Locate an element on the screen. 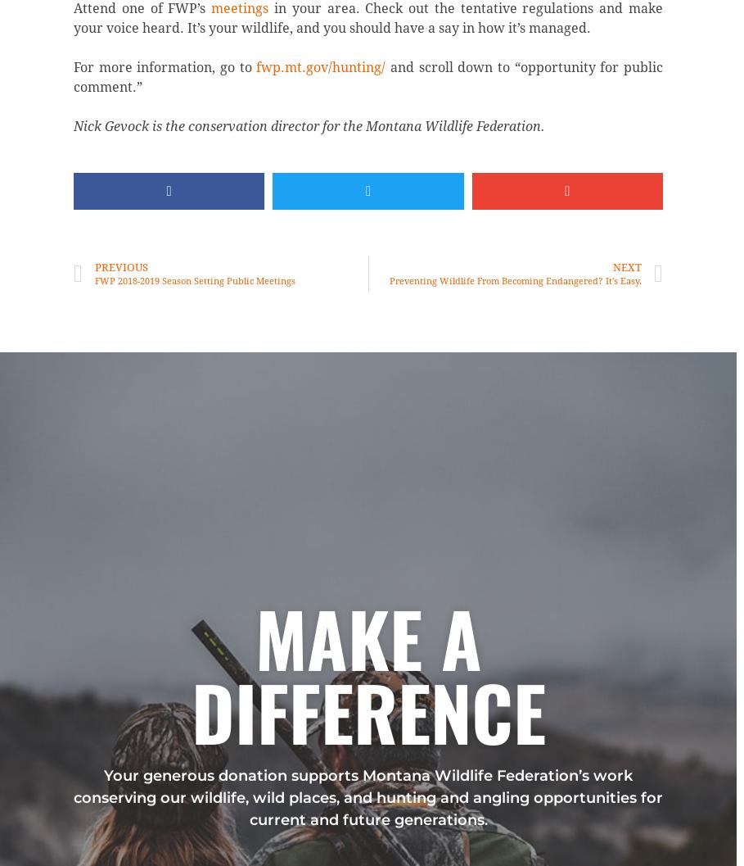 The image size is (744, 866). 'For more information, go to' is located at coordinates (165, 66).